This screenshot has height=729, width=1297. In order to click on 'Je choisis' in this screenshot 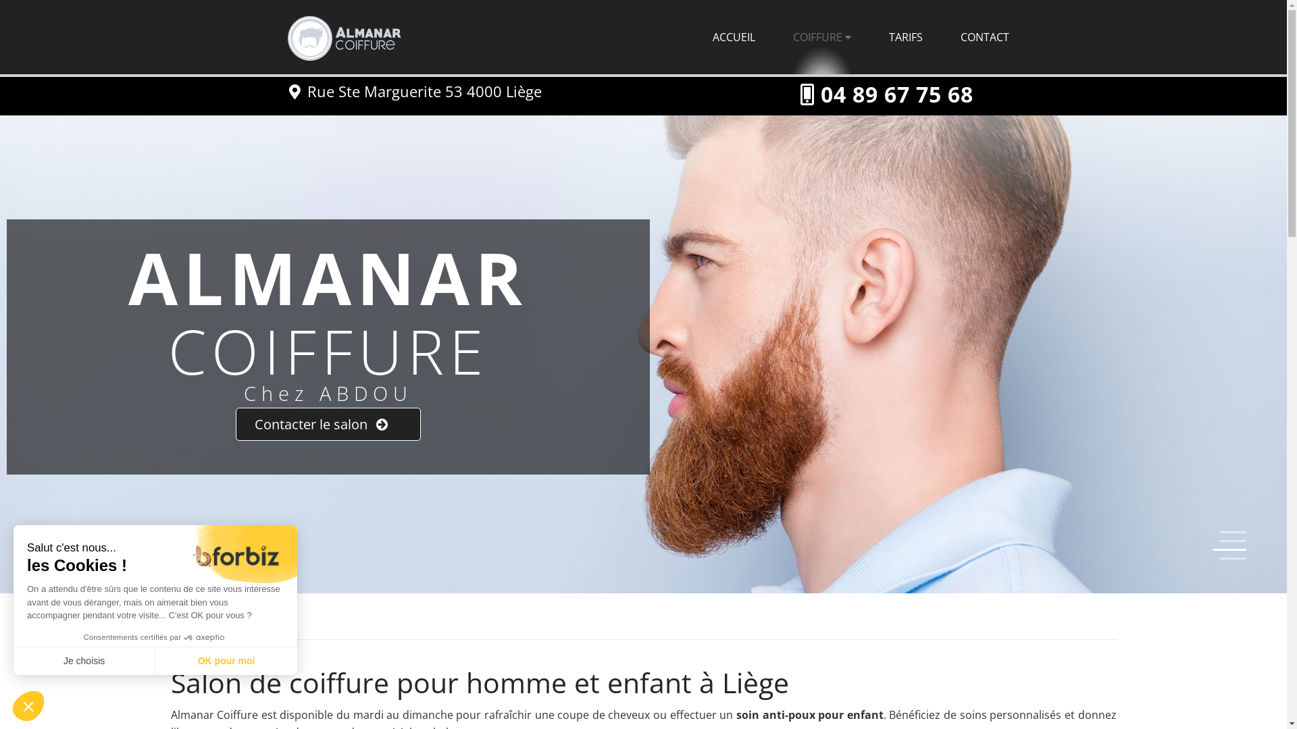, I will do `click(83, 660)`.